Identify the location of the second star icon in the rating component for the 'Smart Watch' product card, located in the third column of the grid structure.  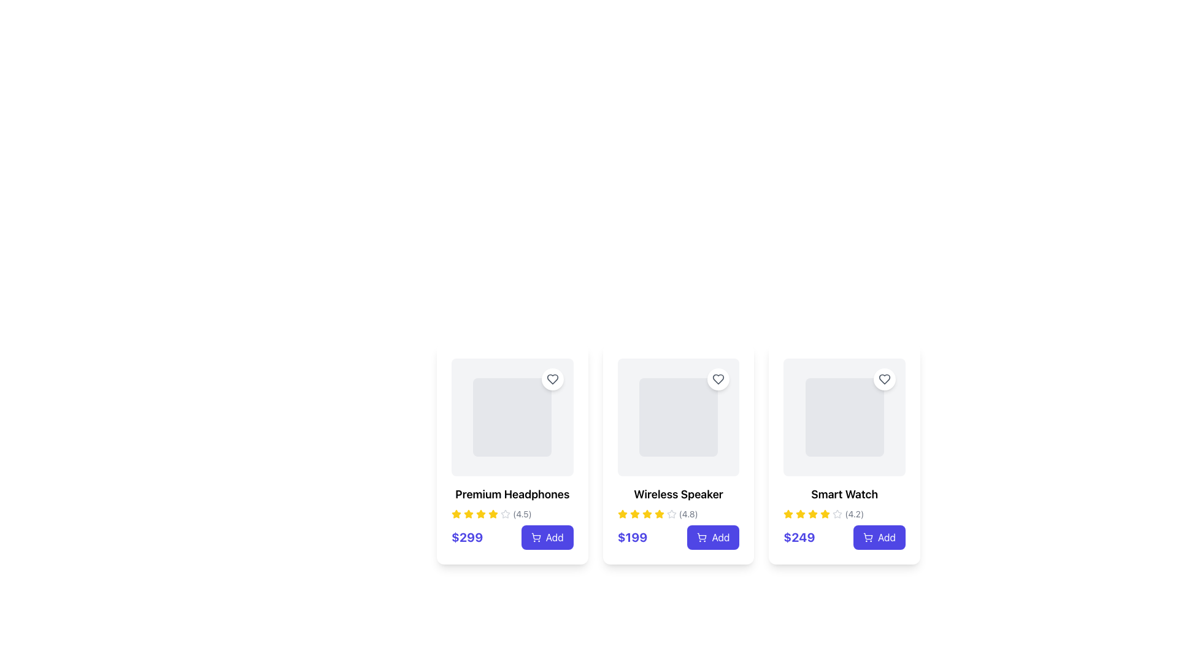
(813, 514).